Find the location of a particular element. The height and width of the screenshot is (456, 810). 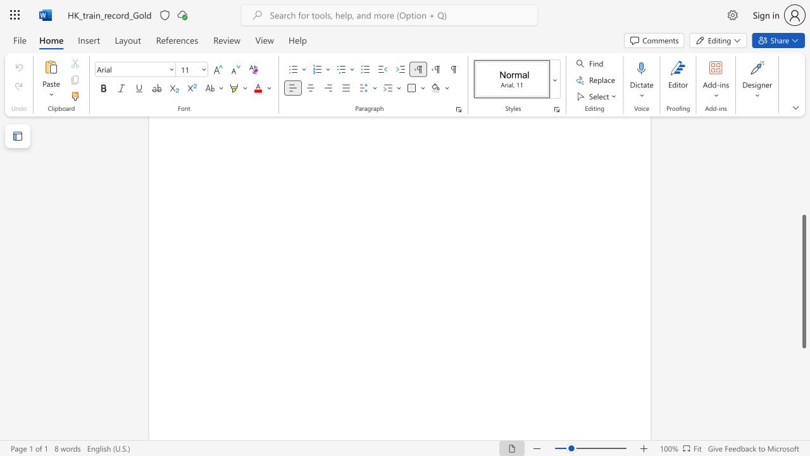

the scrollbar and move down 270 pixels is located at coordinates (803, 281).